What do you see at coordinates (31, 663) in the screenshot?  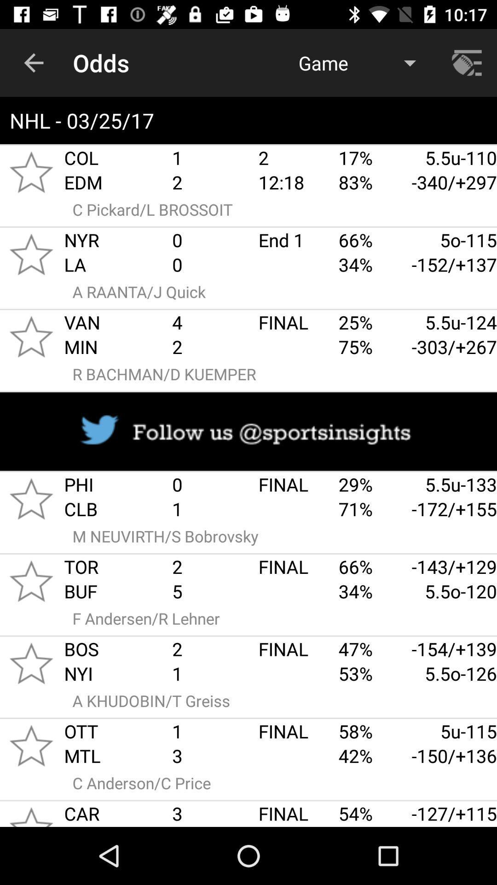 I see `favourite button` at bounding box center [31, 663].